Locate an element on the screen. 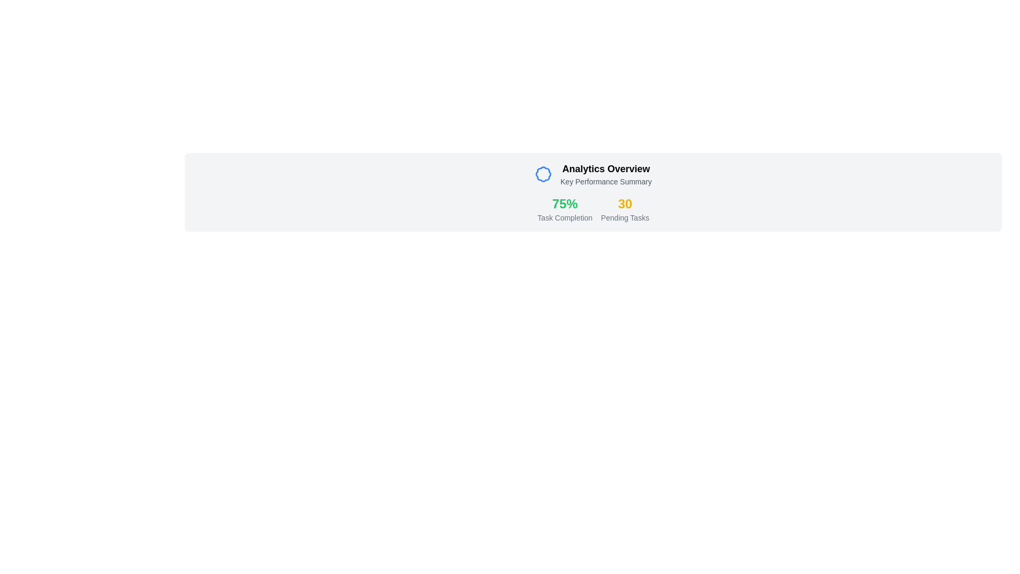 The height and width of the screenshot is (574, 1020). static informational display element showing the number '30' with the label 'Pending Tasks' below it, styled in yellow and gray respectively is located at coordinates (625, 209).